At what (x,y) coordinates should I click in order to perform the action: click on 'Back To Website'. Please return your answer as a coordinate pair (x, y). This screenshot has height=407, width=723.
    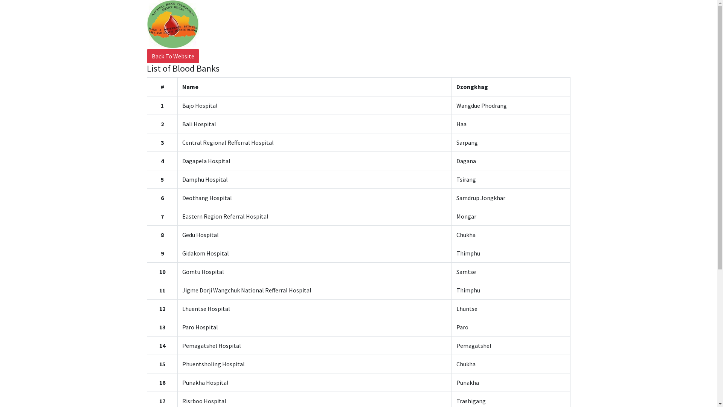
    Looking at the image, I should click on (172, 56).